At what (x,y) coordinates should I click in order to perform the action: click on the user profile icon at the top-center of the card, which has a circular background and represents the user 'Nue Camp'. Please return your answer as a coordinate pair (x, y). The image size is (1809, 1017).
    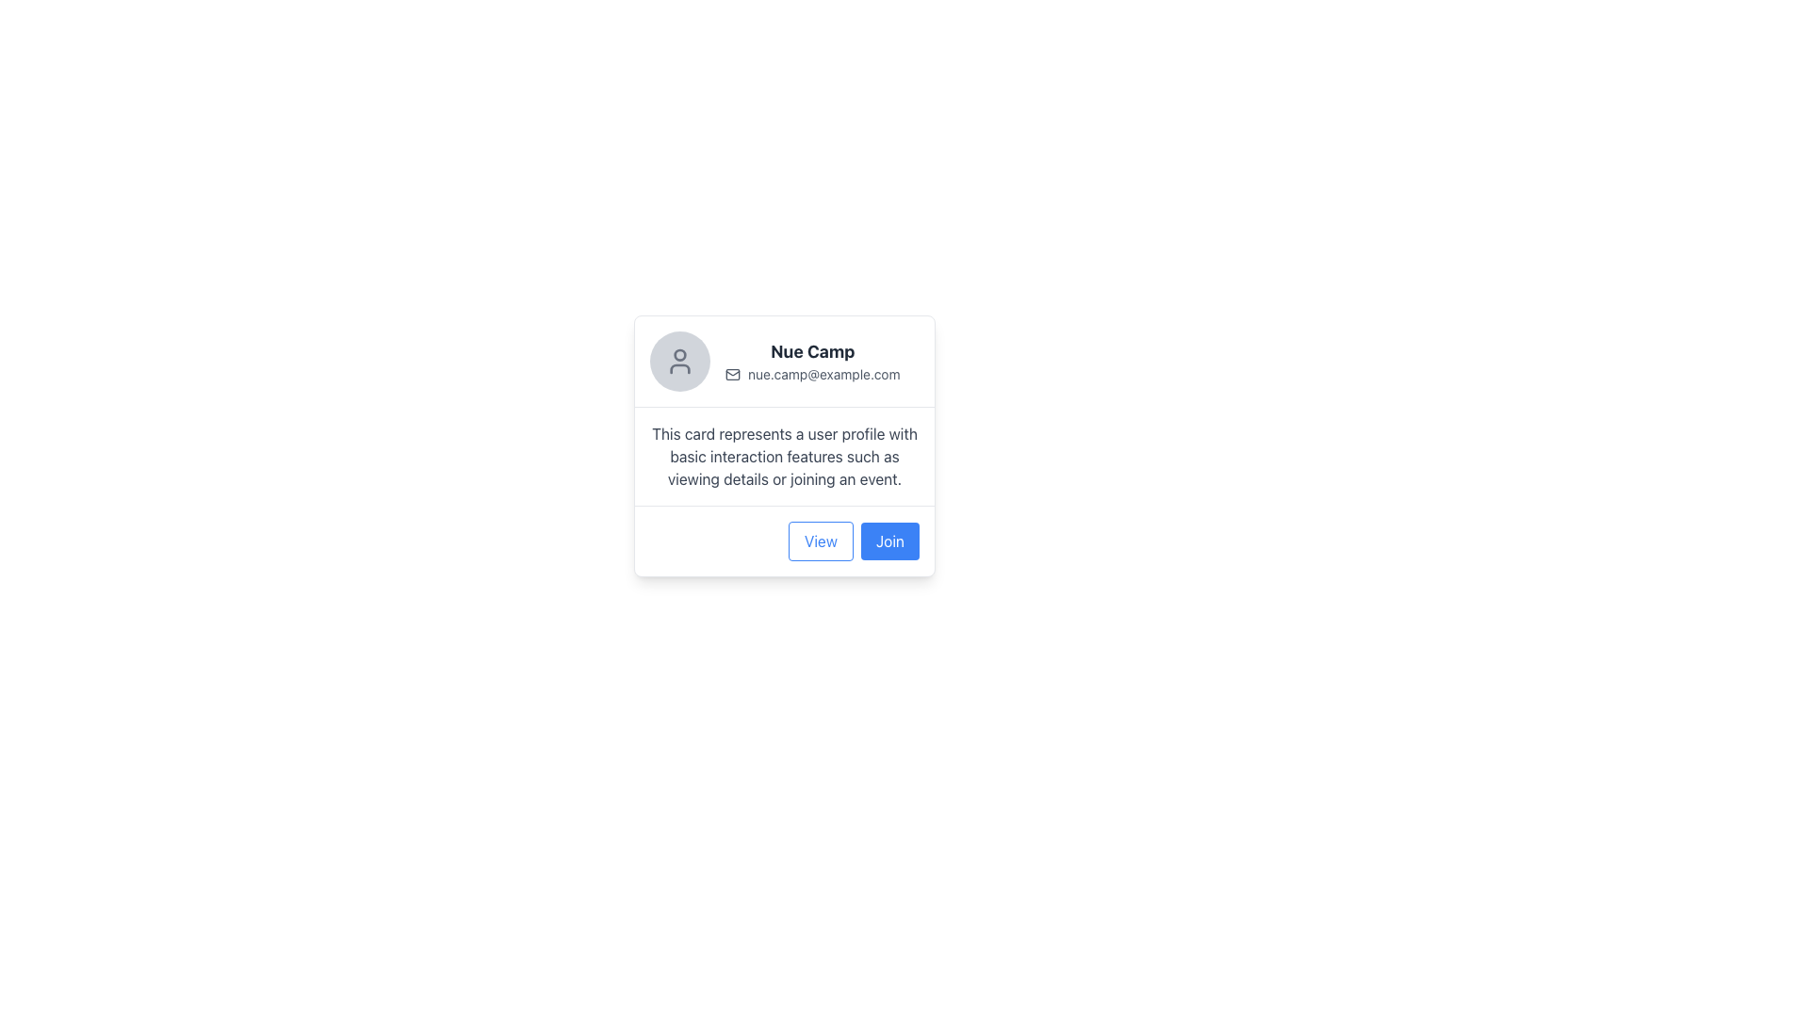
    Looking at the image, I should click on (678, 362).